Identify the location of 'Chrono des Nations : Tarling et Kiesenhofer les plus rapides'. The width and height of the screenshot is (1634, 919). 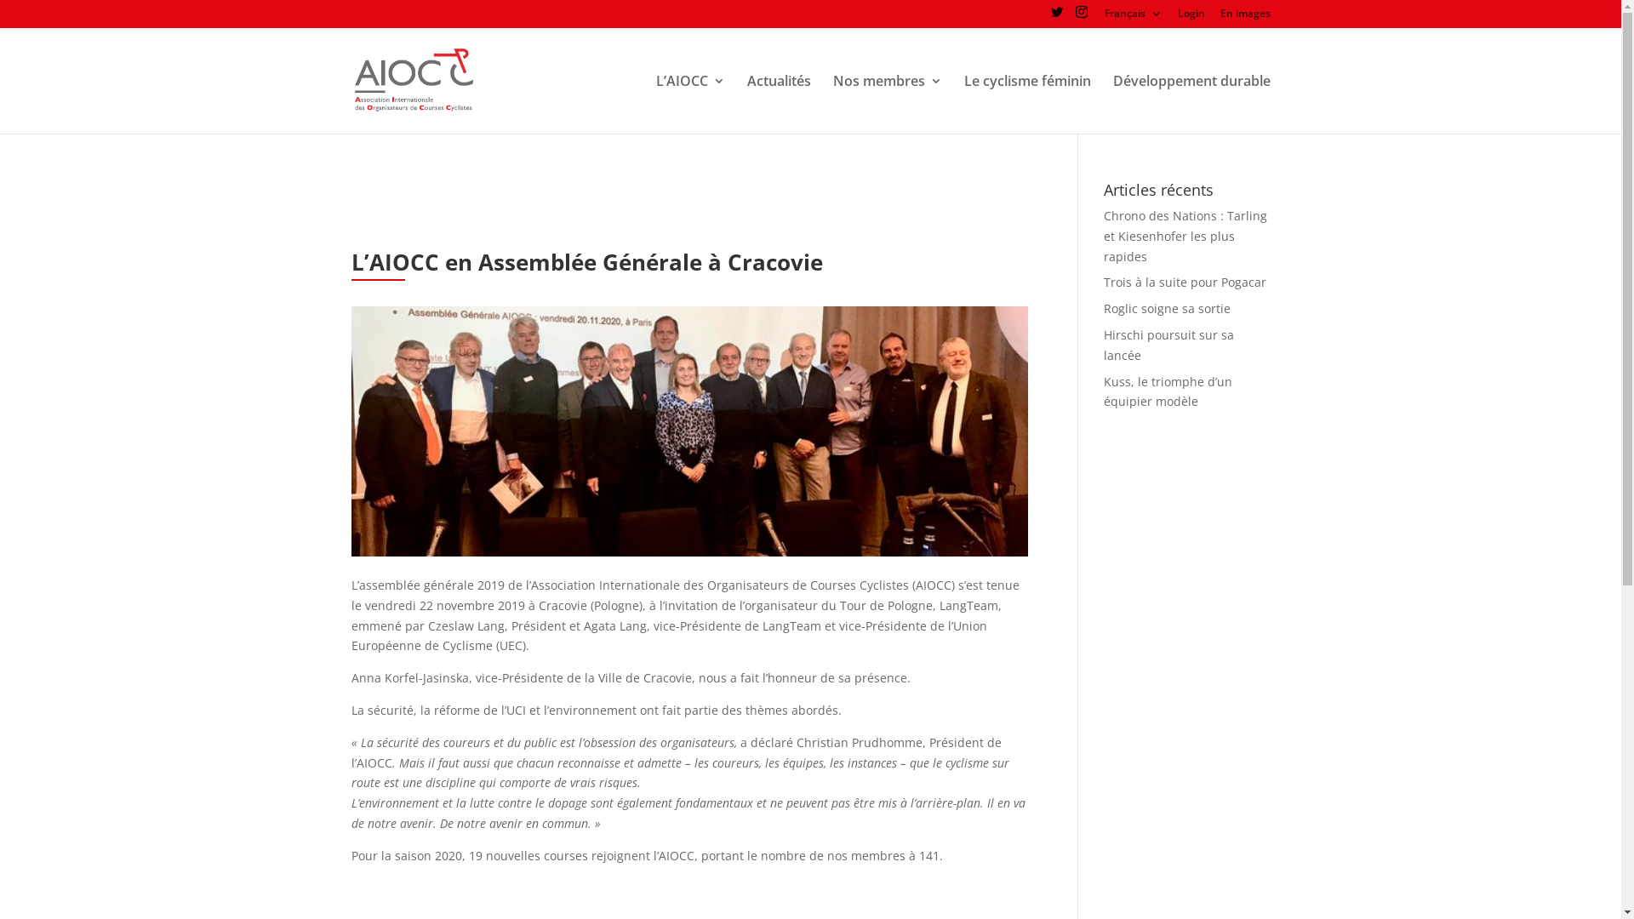
(1184, 236).